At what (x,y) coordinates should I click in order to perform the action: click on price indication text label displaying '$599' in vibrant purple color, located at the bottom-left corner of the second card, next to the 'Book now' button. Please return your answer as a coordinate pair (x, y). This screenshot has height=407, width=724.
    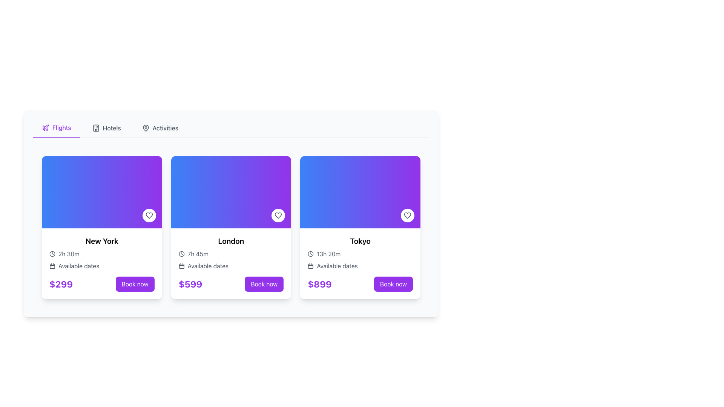
    Looking at the image, I should click on (190, 284).